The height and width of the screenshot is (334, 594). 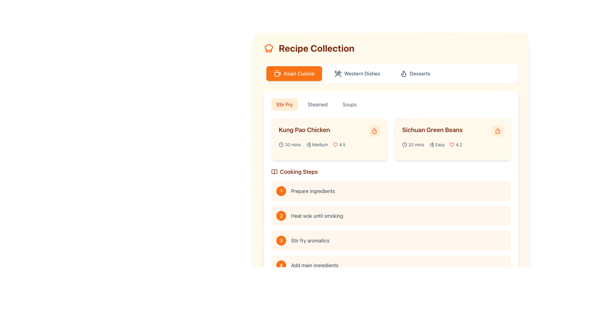 What do you see at coordinates (281, 240) in the screenshot?
I see `the Step indicator badge that serves as a visual cue for the order of steps in the cooking process, located to the left of the text 'Stir fry aromatics'` at bounding box center [281, 240].